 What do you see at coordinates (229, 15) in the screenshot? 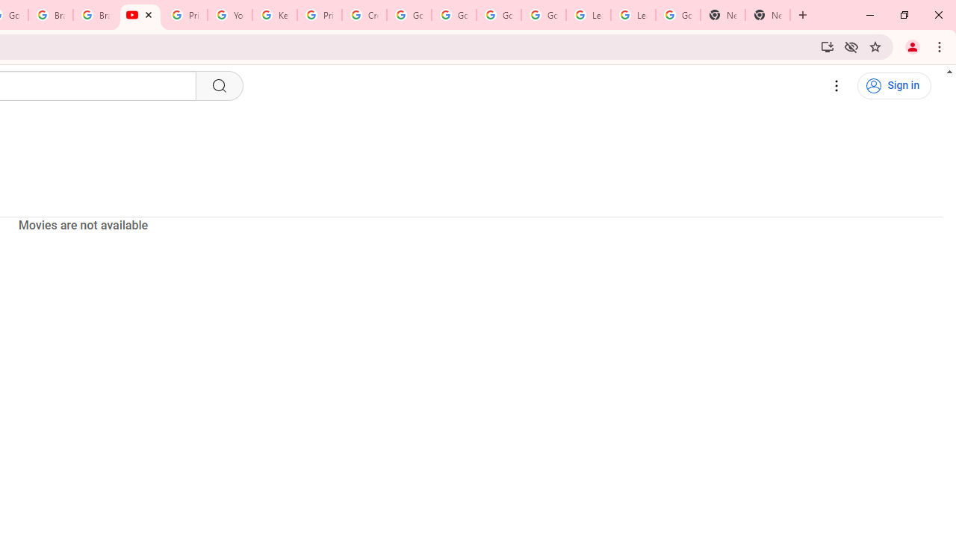
I see `'YouTube'` at bounding box center [229, 15].